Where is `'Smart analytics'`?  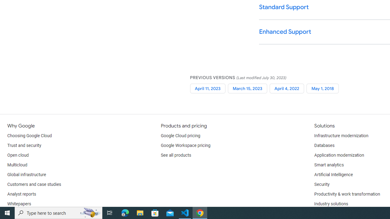
'Smart analytics' is located at coordinates (328, 165).